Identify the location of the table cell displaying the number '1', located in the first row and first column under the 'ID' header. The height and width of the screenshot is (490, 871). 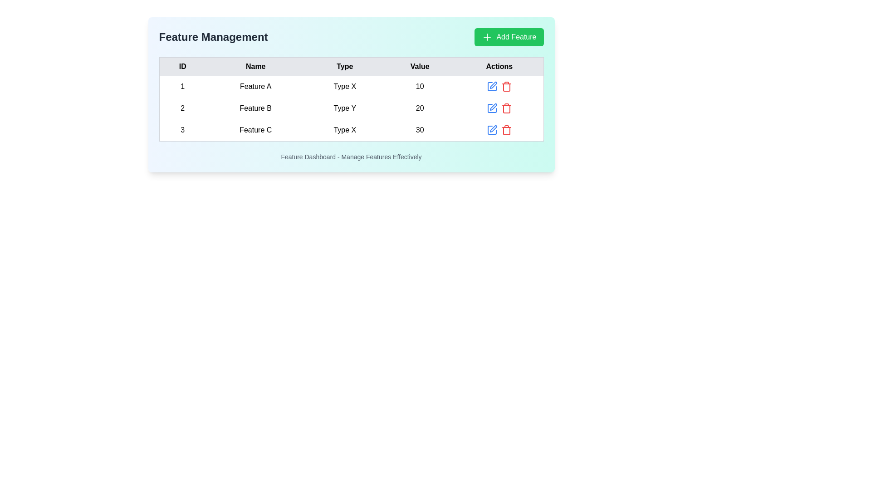
(182, 87).